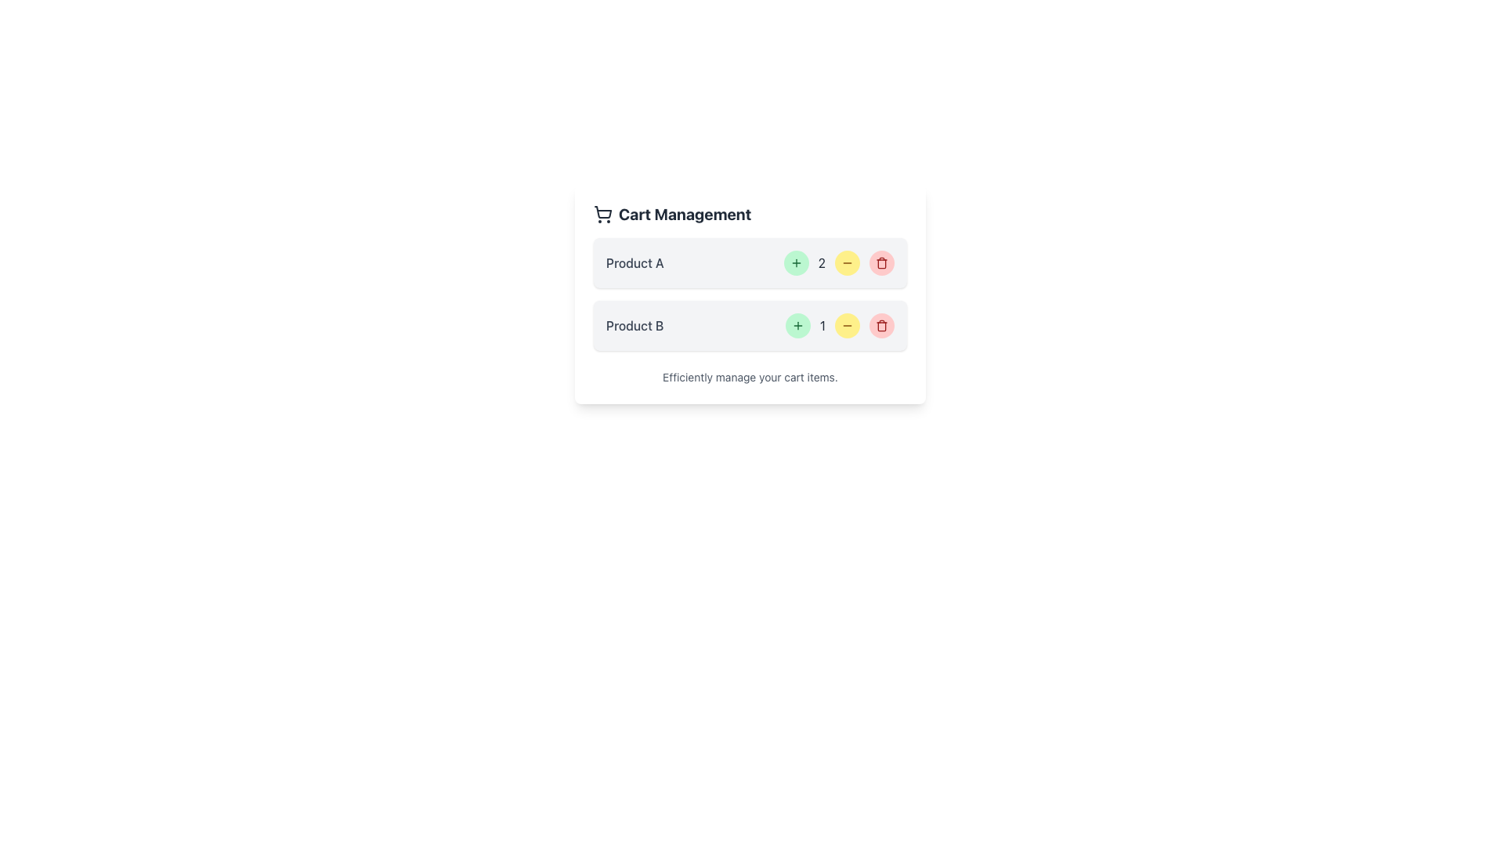  Describe the element at coordinates (882, 325) in the screenshot. I see `the trash icon button outlined in red, which serves as the delete button for the product in the second row of the interface` at that location.